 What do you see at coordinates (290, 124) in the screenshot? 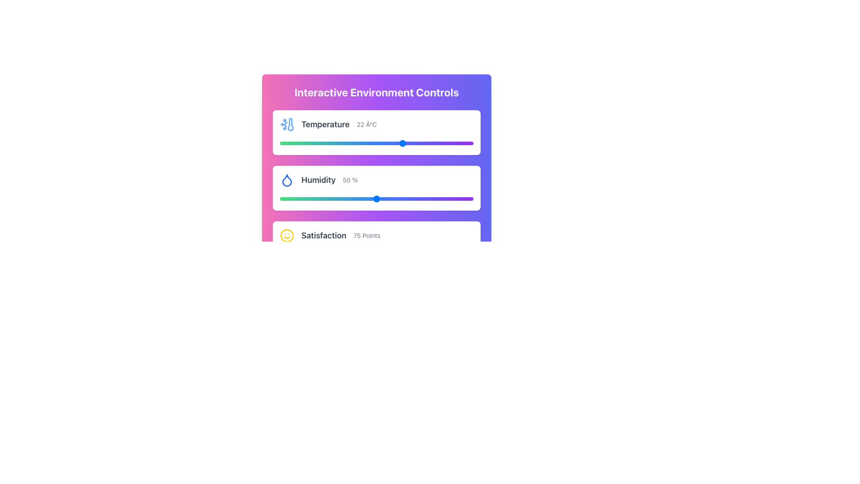
I see `the vector graphic icon depicting a thermometer with a snowflake, located next to the label 'Temperature' in the first row of the interactive environment controls panel` at bounding box center [290, 124].